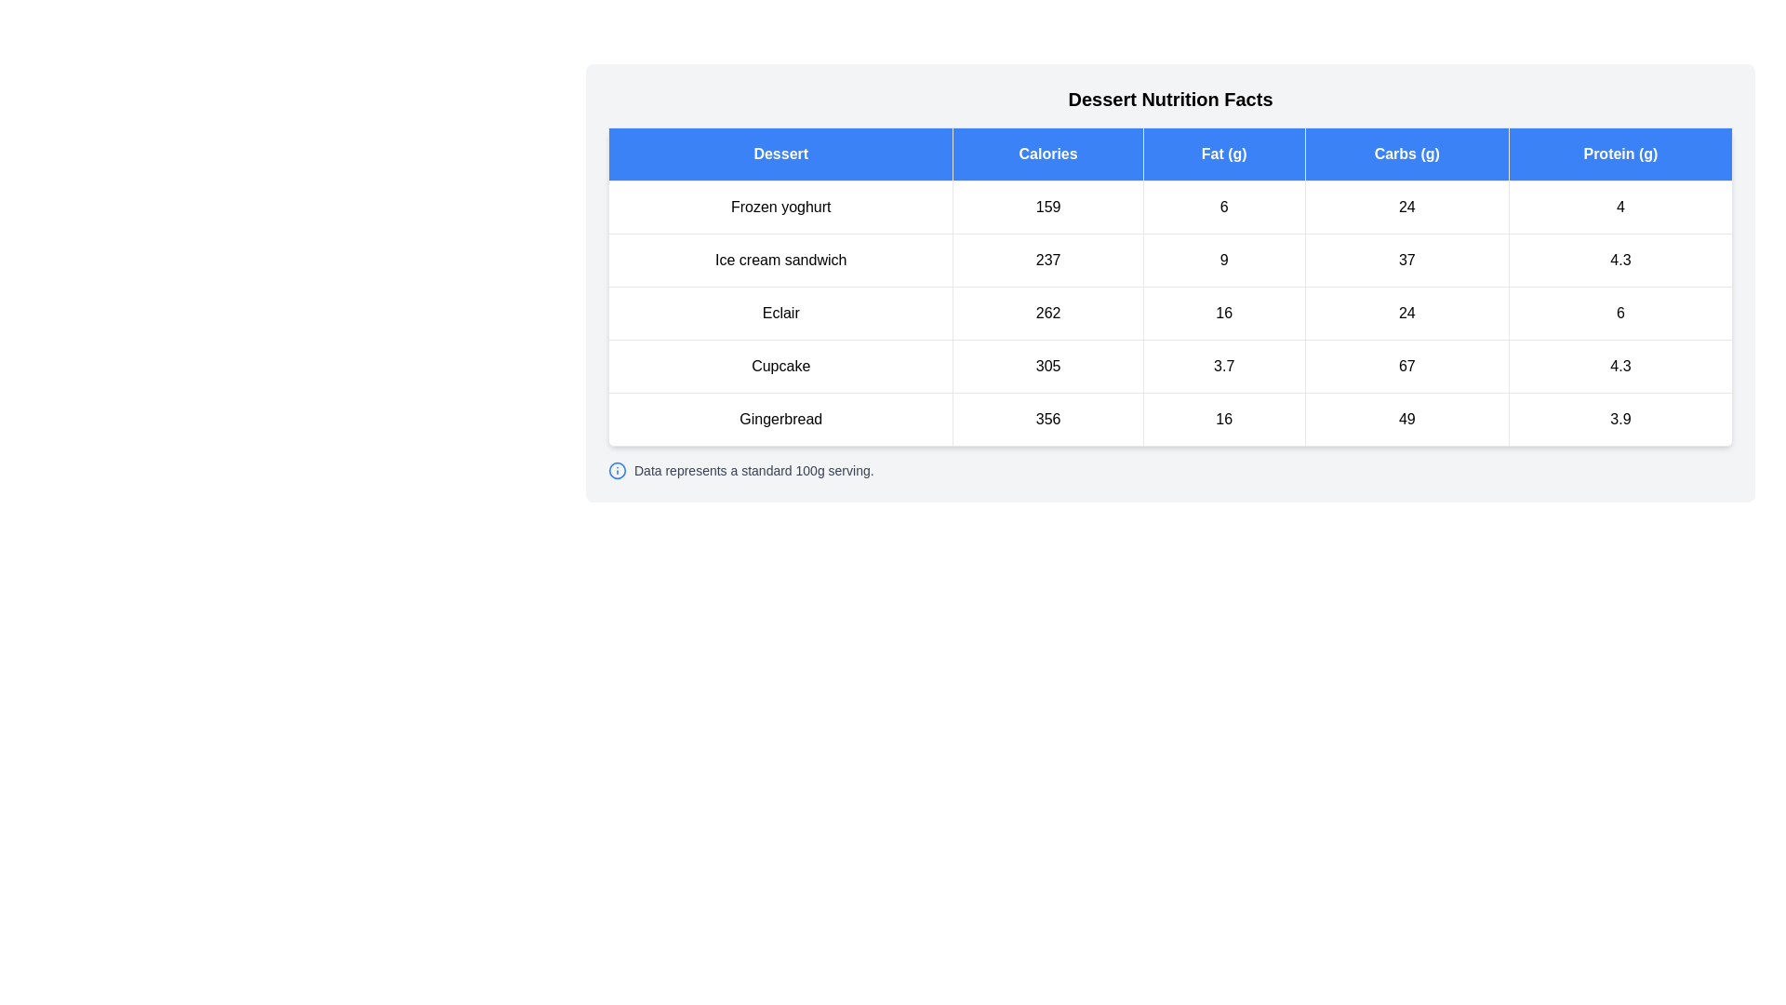 This screenshot has height=1005, width=1786. I want to click on the text element corresponding to Gingerbread, so click(780, 420).